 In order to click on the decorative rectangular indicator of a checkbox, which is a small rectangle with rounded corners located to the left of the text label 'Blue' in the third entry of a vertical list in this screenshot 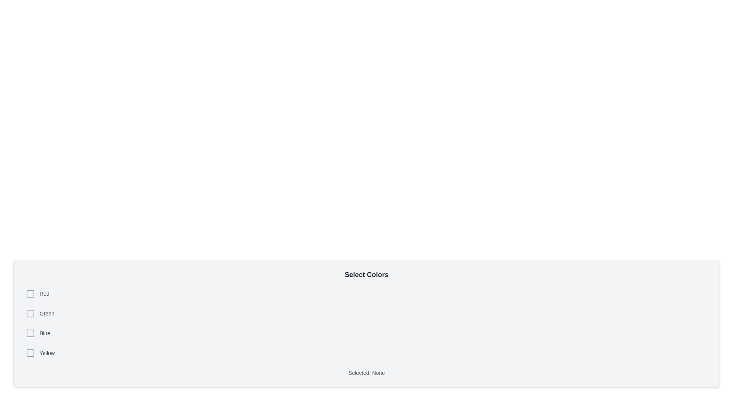, I will do `click(30, 333)`.